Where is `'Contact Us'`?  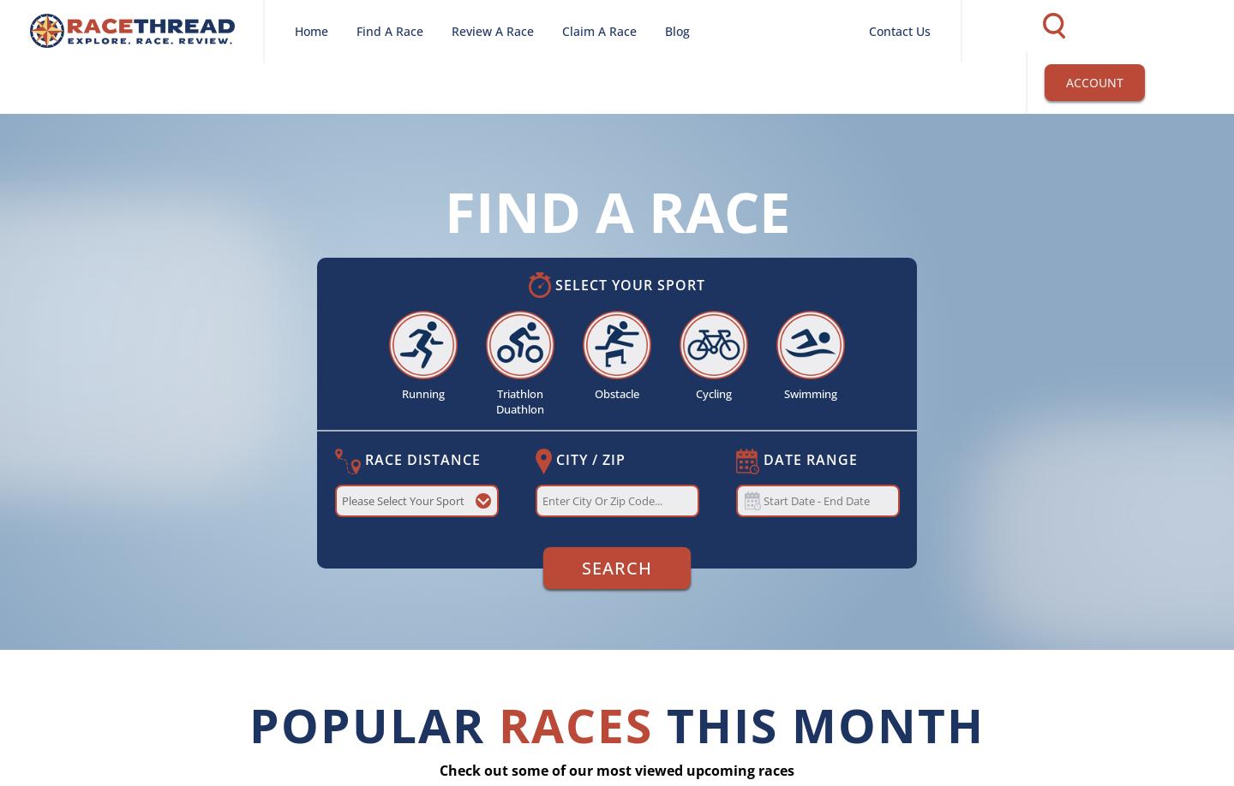
'Contact Us' is located at coordinates (900, 31).